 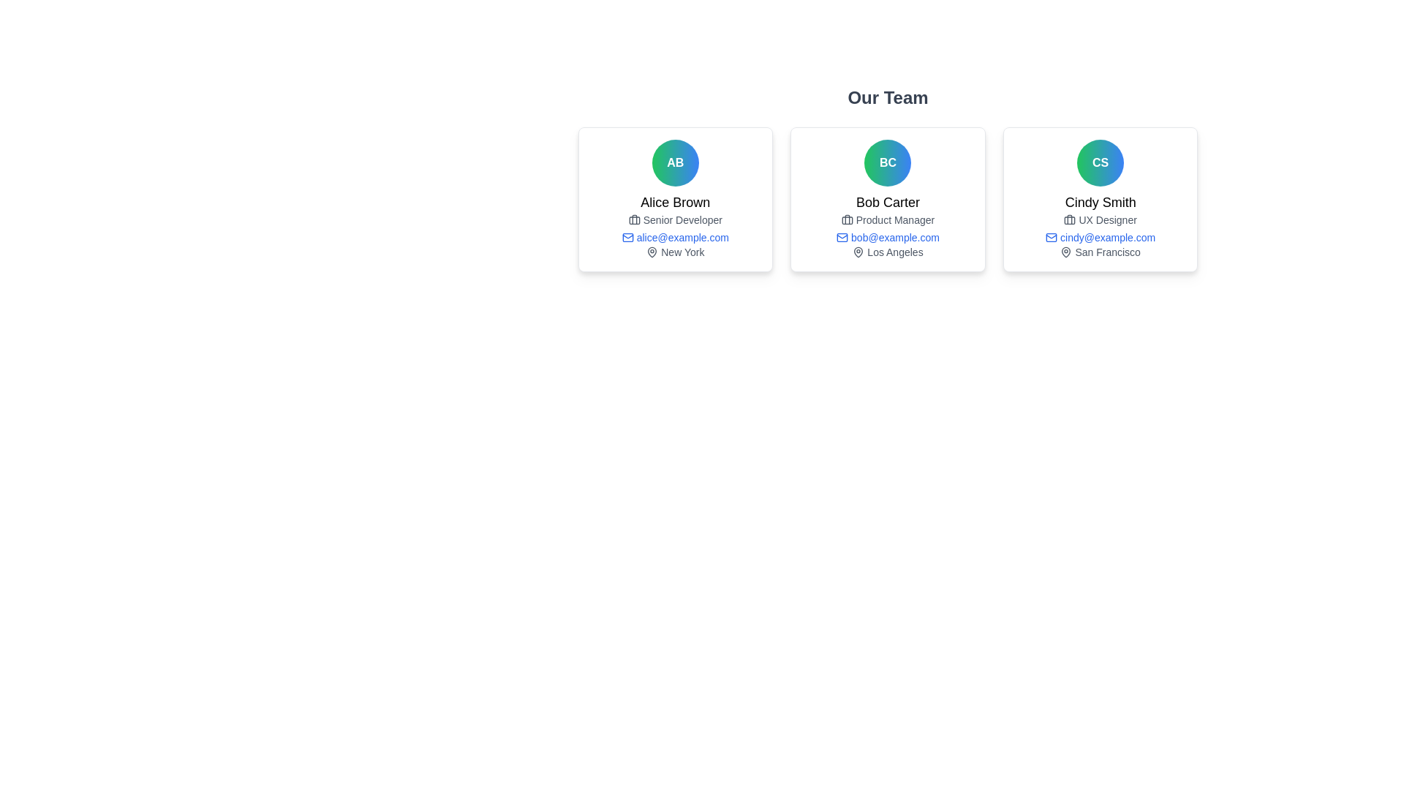 What do you see at coordinates (634, 219) in the screenshot?
I see `the 'Senior Developer' icon representing Alice Brown's professional role, located to the left of the text in the first card of the grid layout` at bounding box center [634, 219].